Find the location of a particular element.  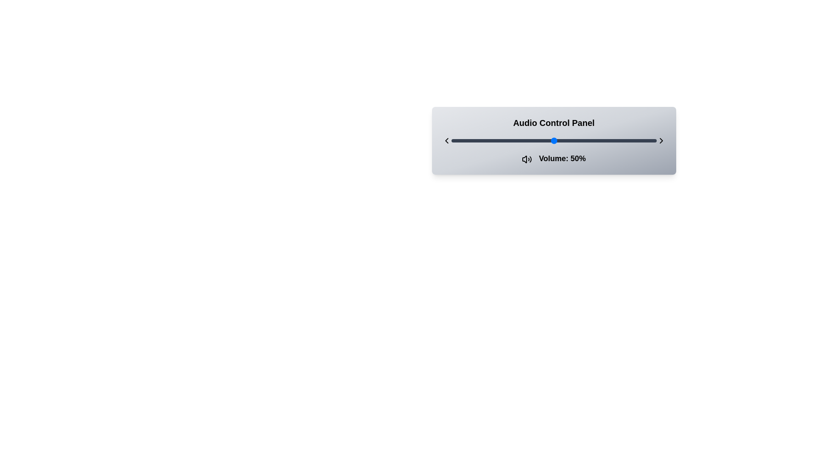

the slider is located at coordinates (547, 140).